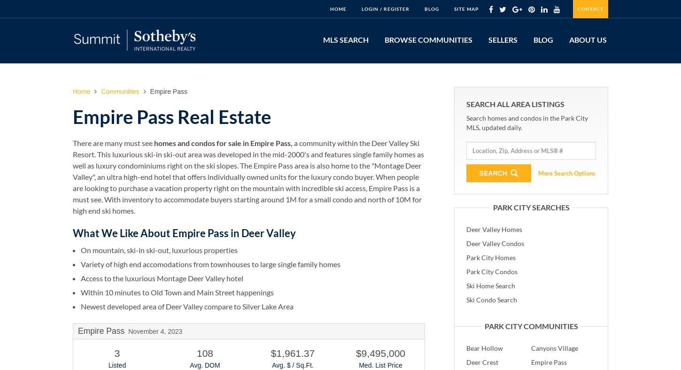  What do you see at coordinates (380, 365) in the screenshot?
I see `'Med. List Price'` at bounding box center [380, 365].